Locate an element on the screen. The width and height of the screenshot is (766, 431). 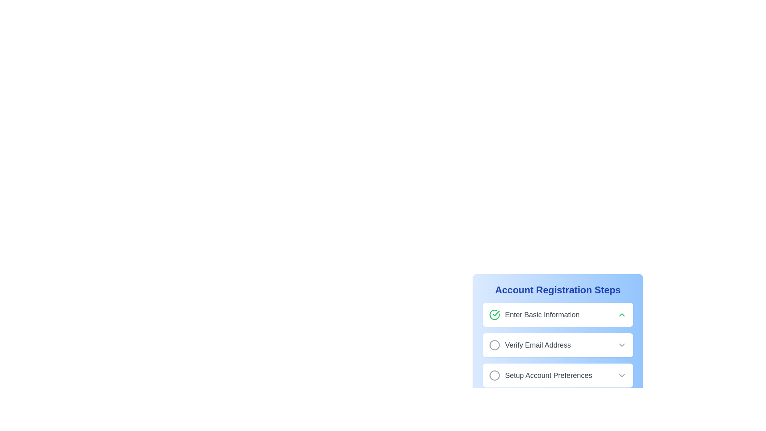
the downward-pointing chevron icon located on the right side of the 'Verify Email Address' section within the Account Registration Steps interface is located at coordinates (622, 344).